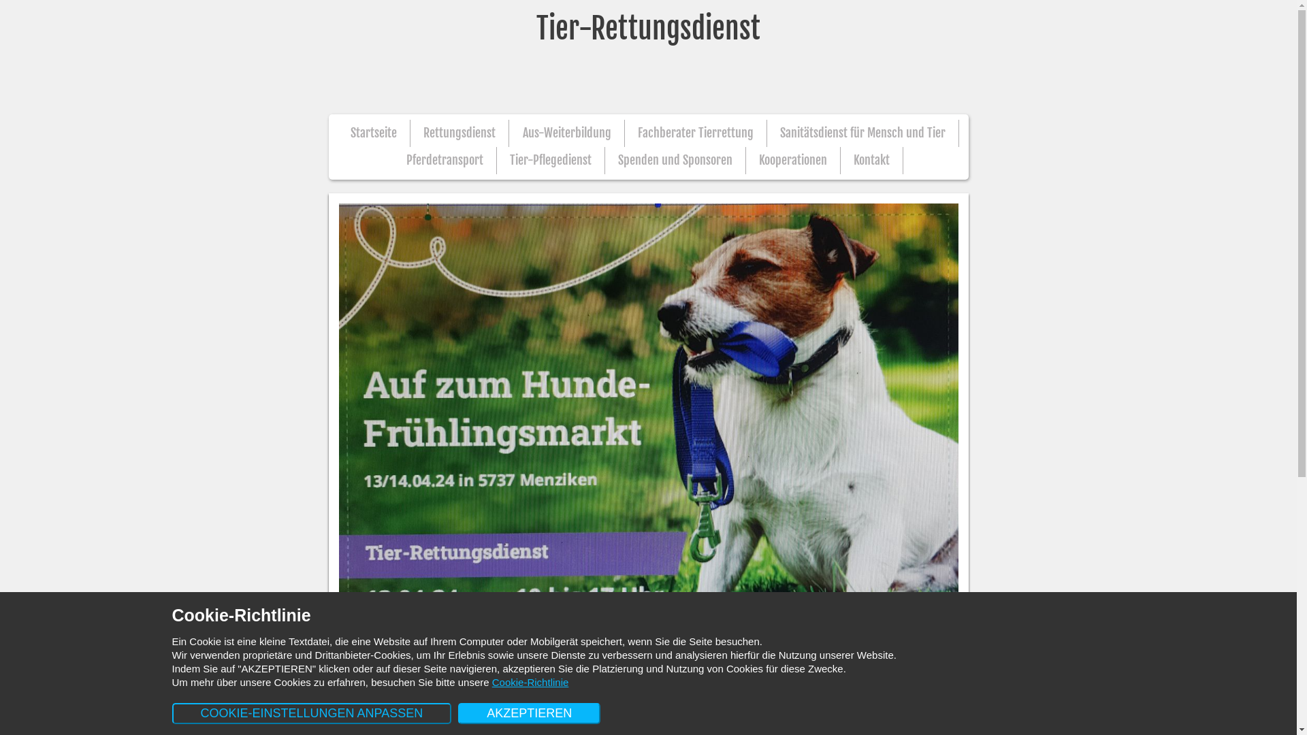 Image resolution: width=1307 pixels, height=735 pixels. What do you see at coordinates (445, 159) in the screenshot?
I see `'Pferdetransport'` at bounding box center [445, 159].